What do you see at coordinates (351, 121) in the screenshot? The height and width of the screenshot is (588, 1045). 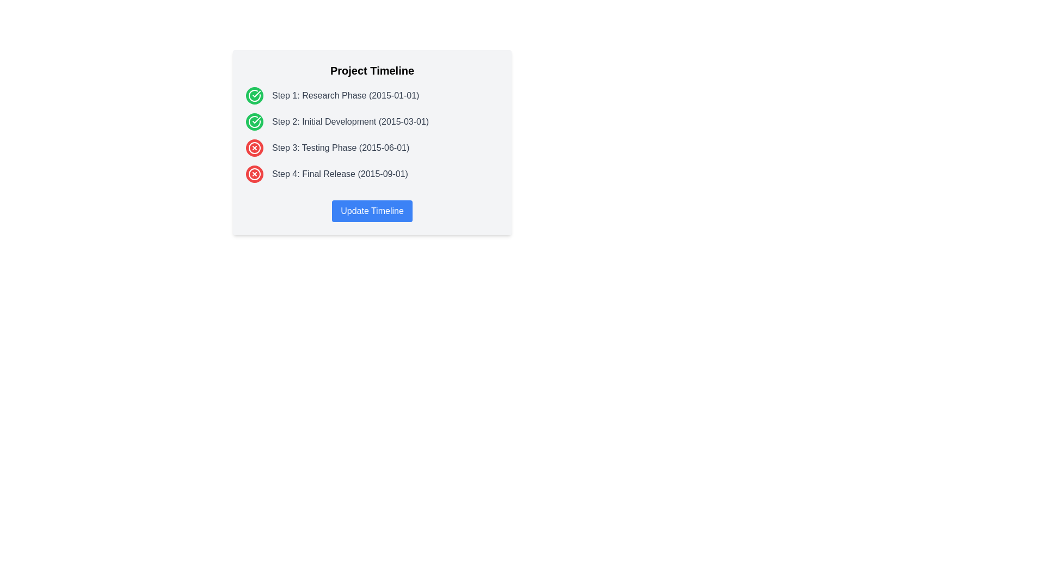 I see `the text label displaying 'Step 2: Initial Development', which is positioned between 'Step 1: Research Phase' and 'Step 3: Testing Phase'` at bounding box center [351, 121].